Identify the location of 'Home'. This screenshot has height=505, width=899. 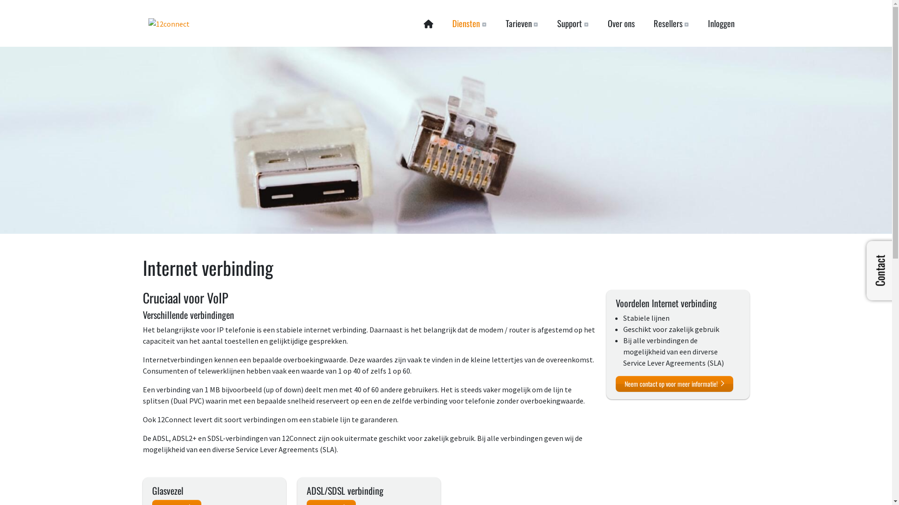
(413, 23).